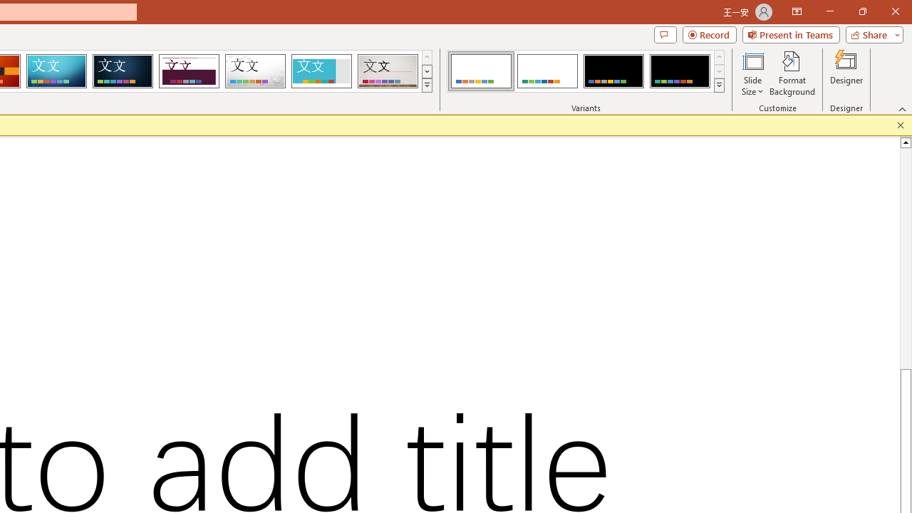 The width and height of the screenshot is (912, 513). What do you see at coordinates (546, 71) in the screenshot?
I see `'Office Theme Variant 2'` at bounding box center [546, 71].